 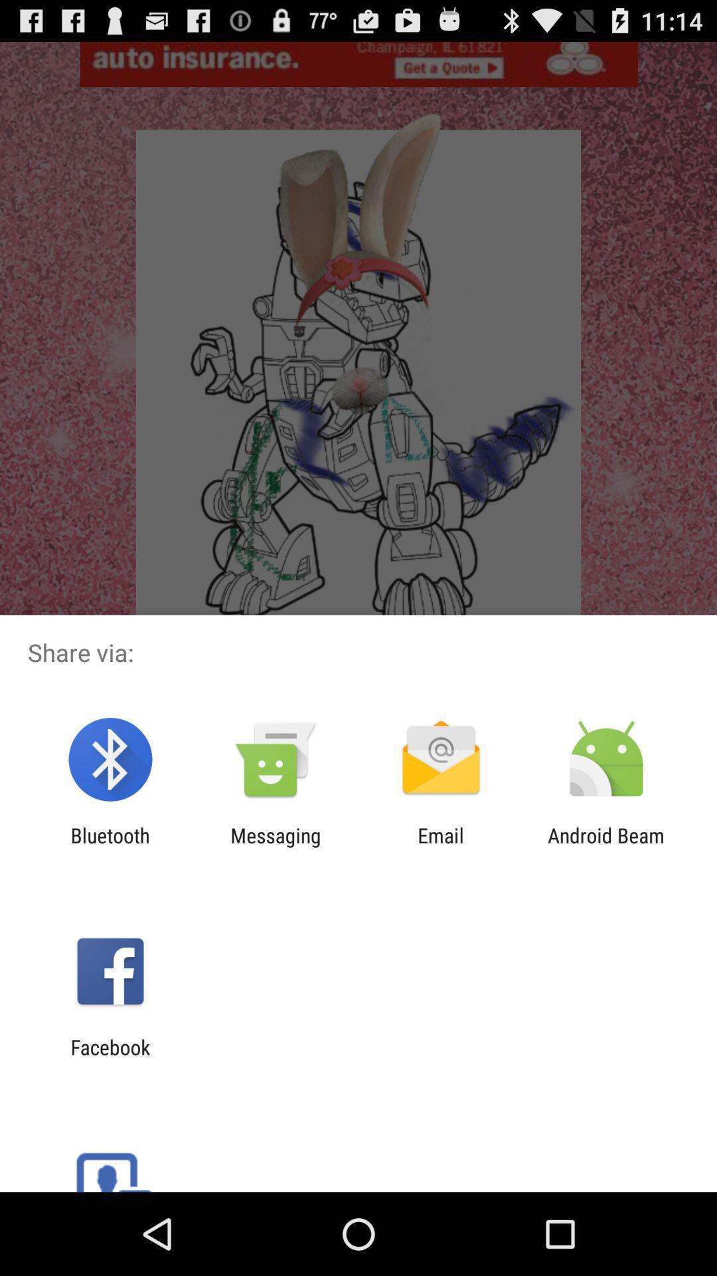 I want to click on android beam item, so click(x=606, y=847).